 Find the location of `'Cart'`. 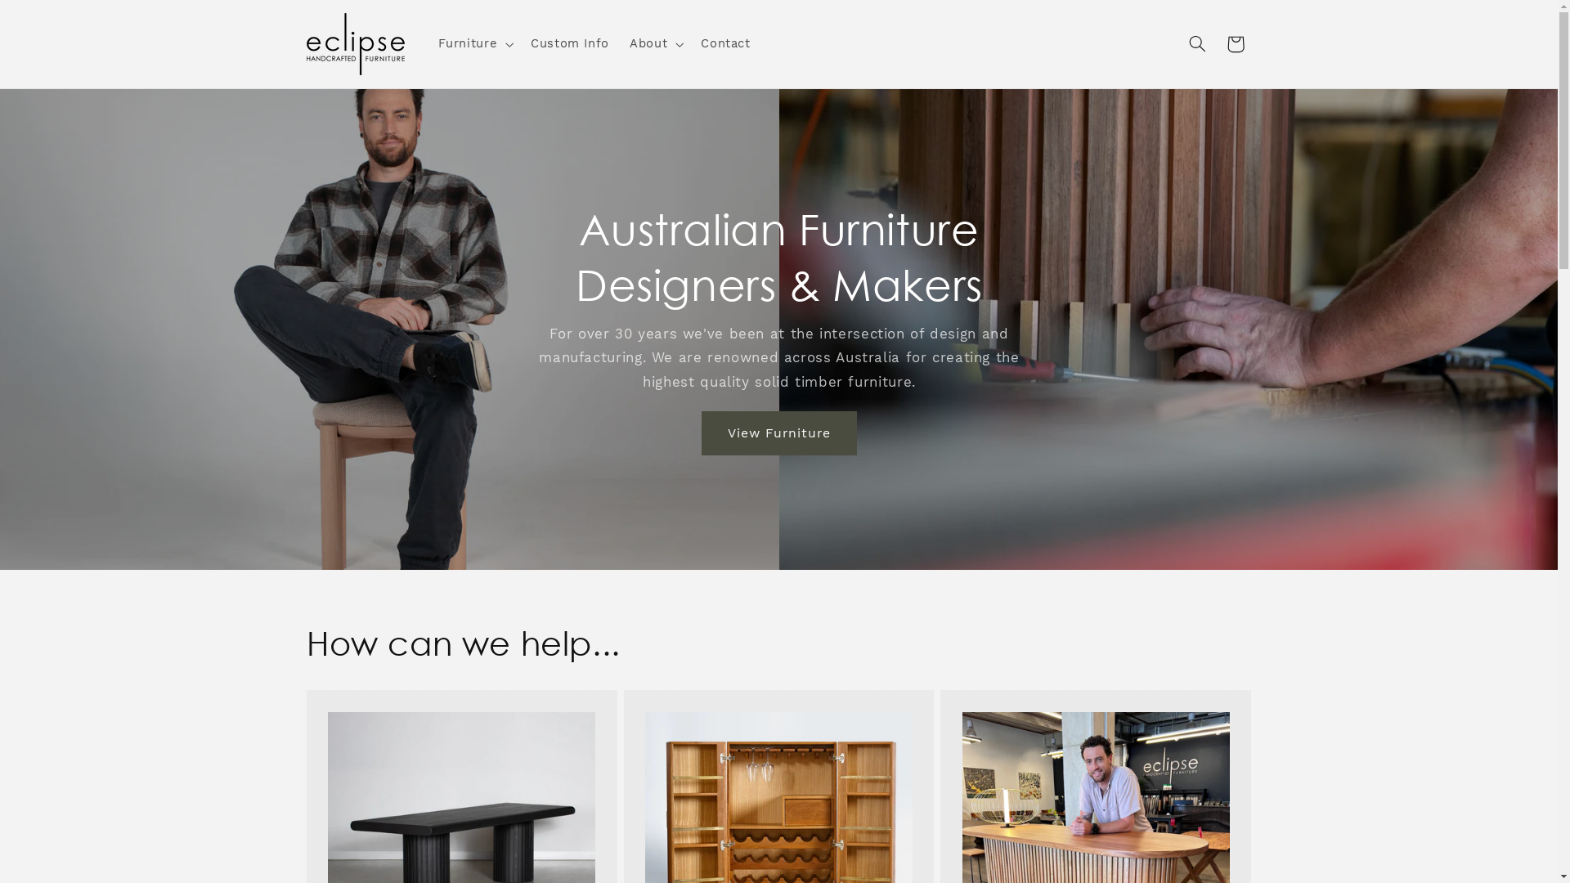

'Cart' is located at coordinates (1236, 43).